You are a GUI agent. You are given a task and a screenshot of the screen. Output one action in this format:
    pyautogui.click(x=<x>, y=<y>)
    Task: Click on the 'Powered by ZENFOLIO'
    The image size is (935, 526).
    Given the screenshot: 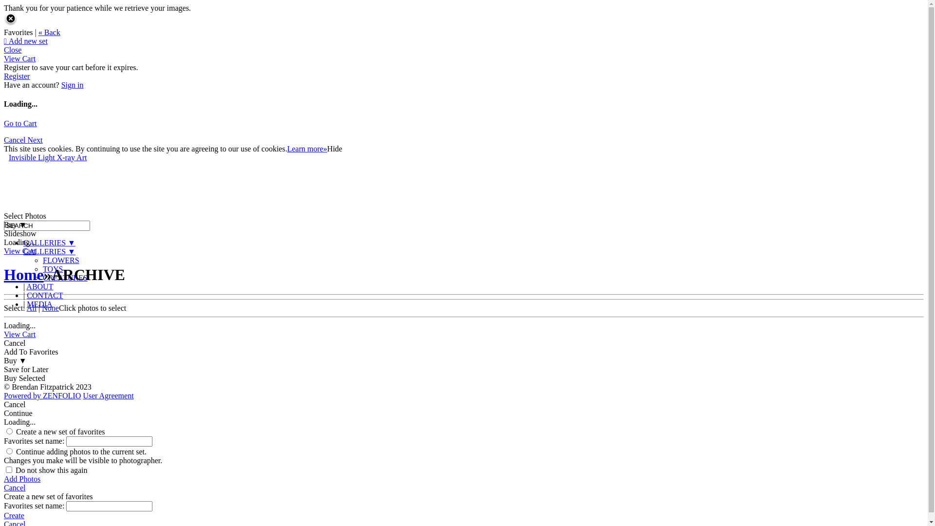 What is the action you would take?
    pyautogui.click(x=41, y=395)
    